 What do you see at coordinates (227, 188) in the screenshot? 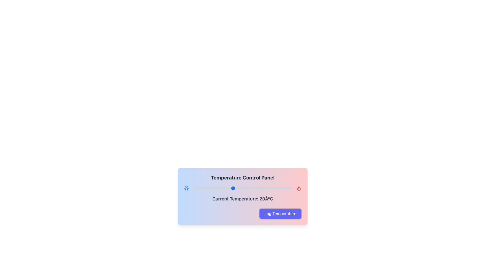
I see `the temperature slider` at bounding box center [227, 188].